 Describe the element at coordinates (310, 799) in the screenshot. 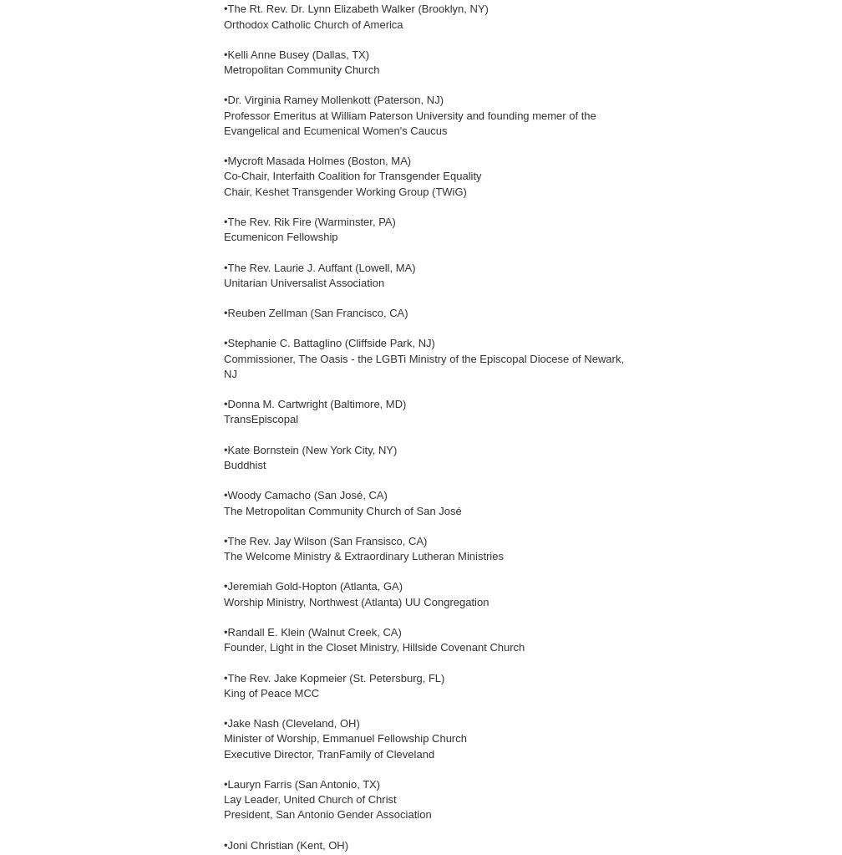

I see `'Lay Leader, United Church of Christ'` at that location.